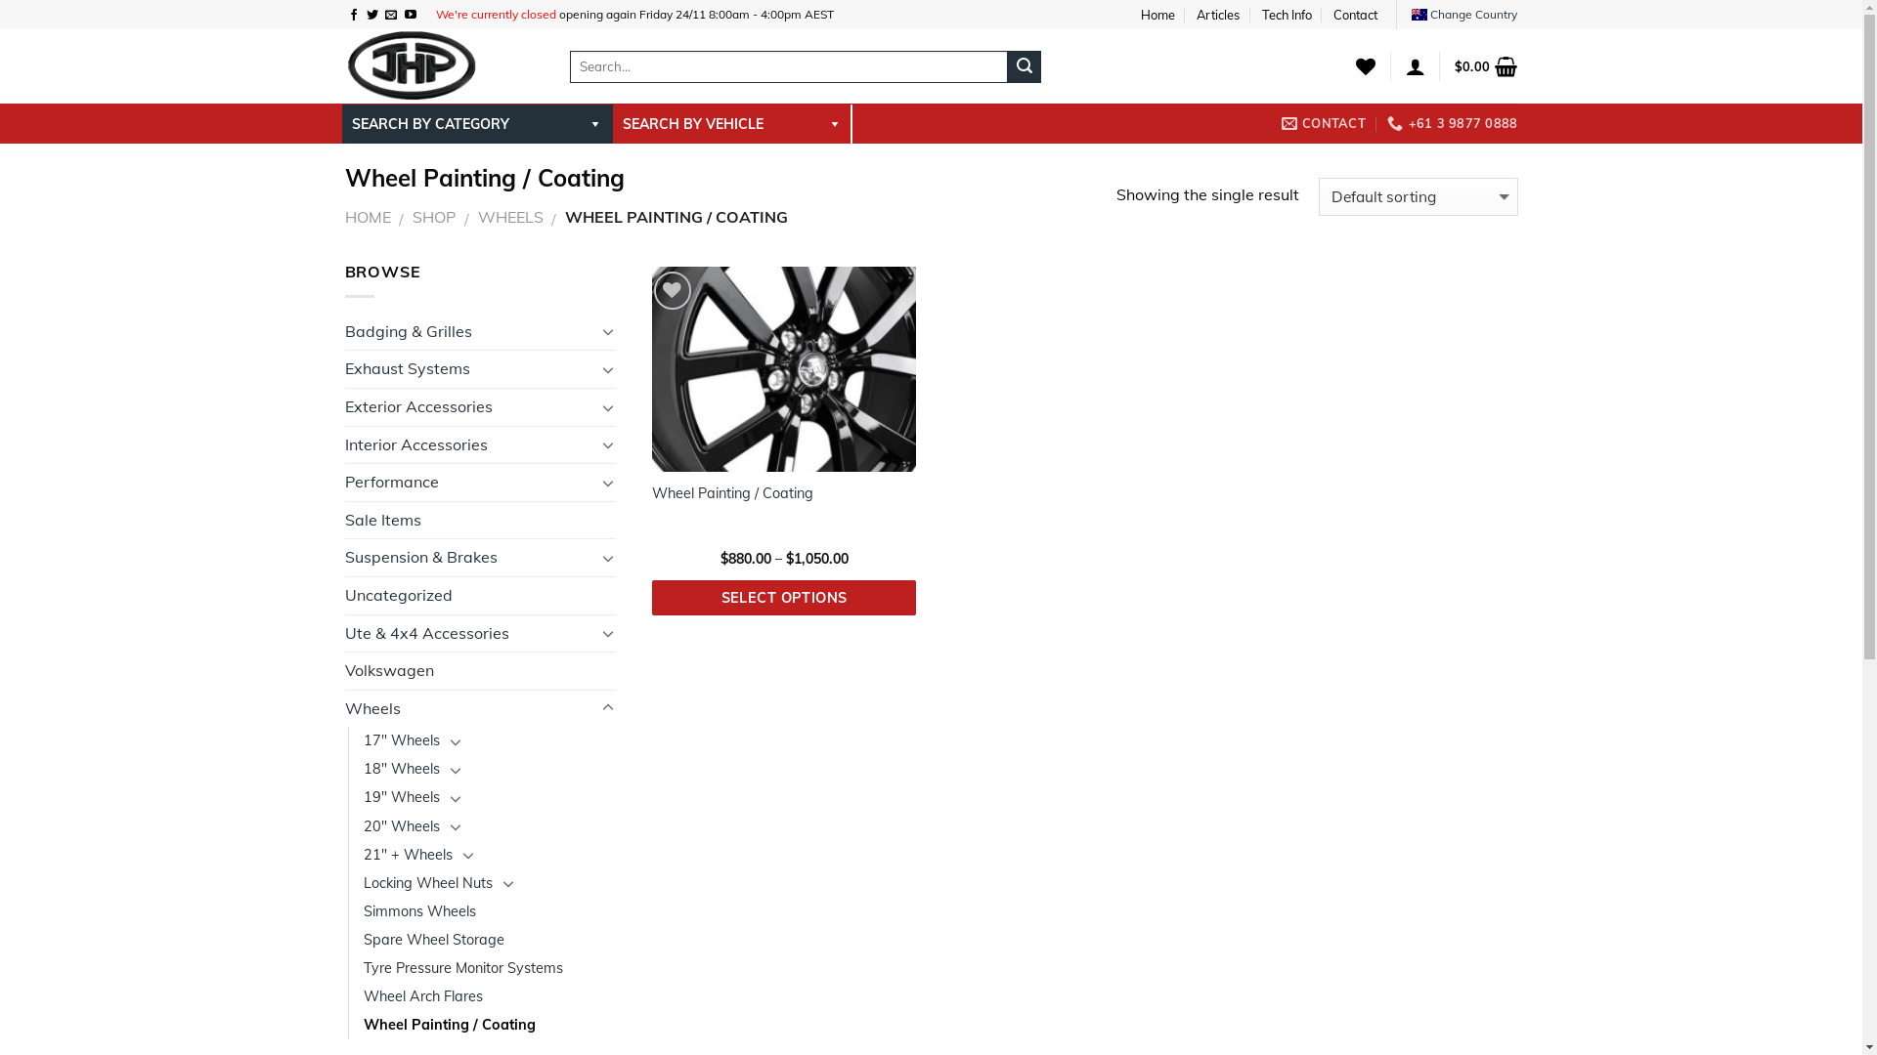 This screenshot has height=1055, width=1877. Describe the element at coordinates (1354, 15) in the screenshot. I see `'Contact'` at that location.